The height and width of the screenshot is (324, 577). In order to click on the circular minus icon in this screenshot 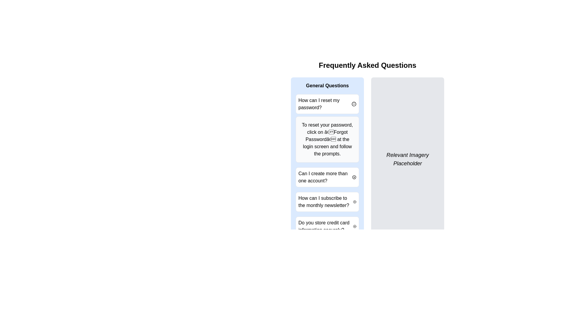, I will do `click(354, 104)`.